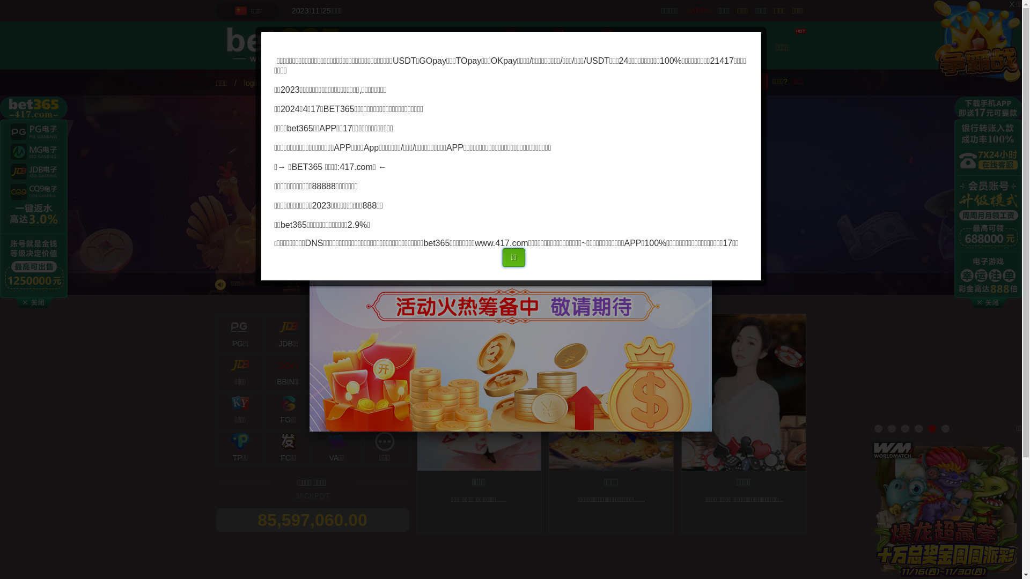 This screenshot has height=579, width=1030. Describe the element at coordinates (945, 428) in the screenshot. I see `'6'` at that location.